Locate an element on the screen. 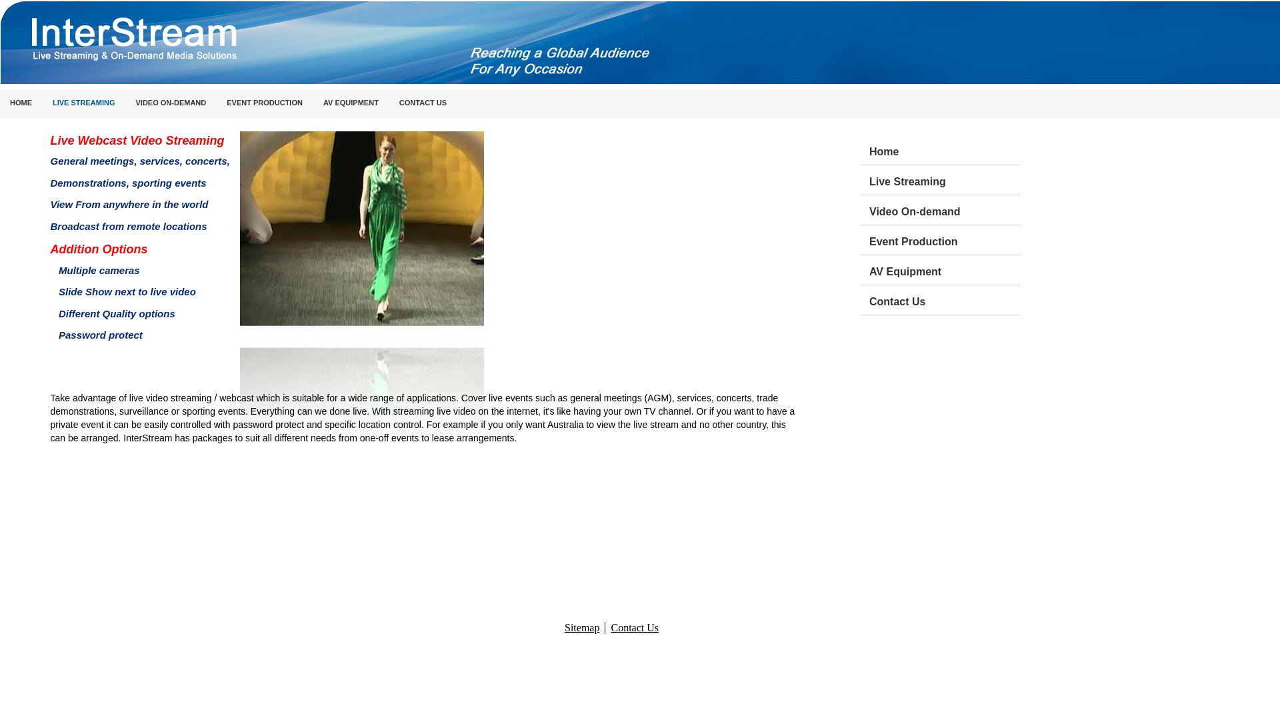 Image resolution: width=1280 pixels, height=720 pixels. 'Contact Us' is located at coordinates (869, 300).